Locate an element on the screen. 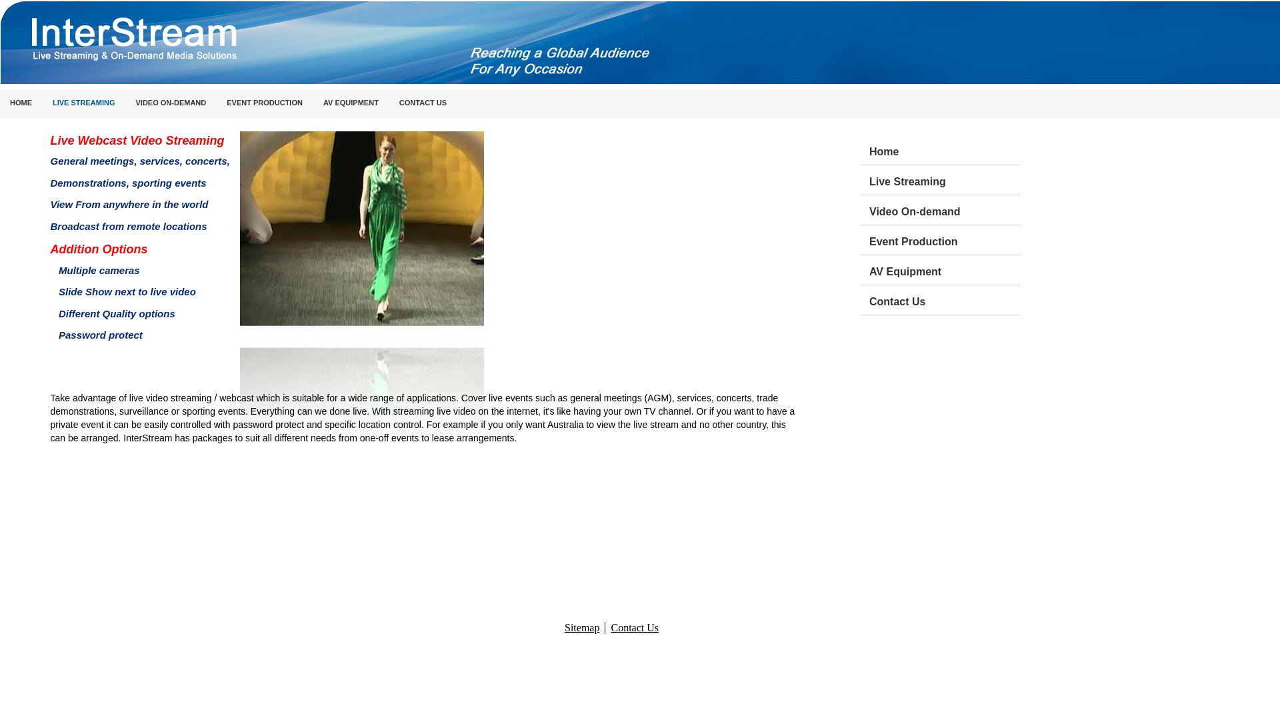 Image resolution: width=1280 pixels, height=720 pixels. 'Contact Us' is located at coordinates (869, 300).